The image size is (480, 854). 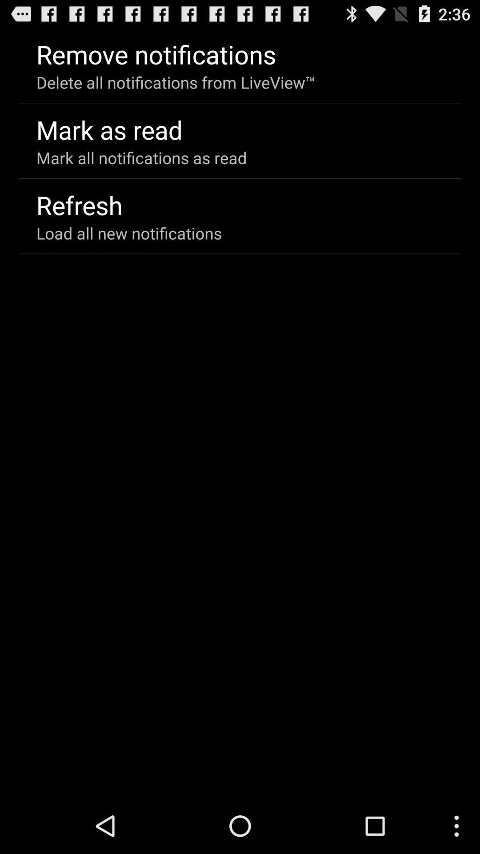 I want to click on refresh item, so click(x=79, y=204).